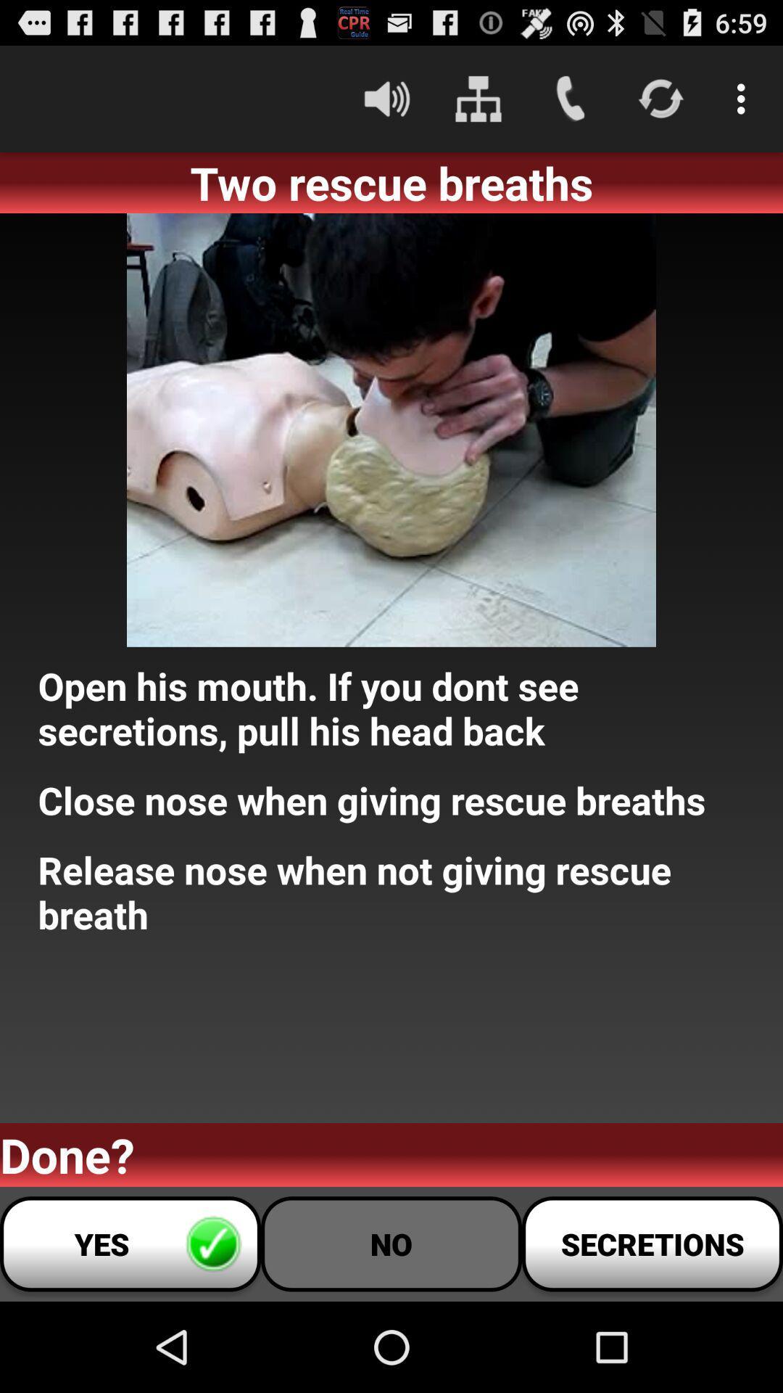  What do you see at coordinates (391, 1243) in the screenshot?
I see `no` at bounding box center [391, 1243].